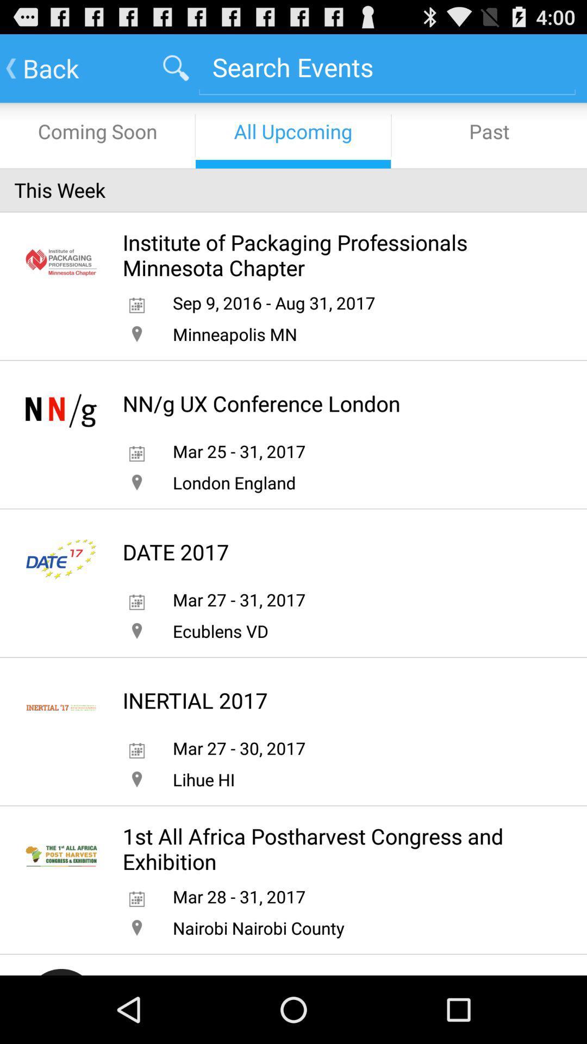 This screenshot has width=587, height=1044. What do you see at coordinates (261, 403) in the screenshot?
I see `nn g ux icon` at bounding box center [261, 403].